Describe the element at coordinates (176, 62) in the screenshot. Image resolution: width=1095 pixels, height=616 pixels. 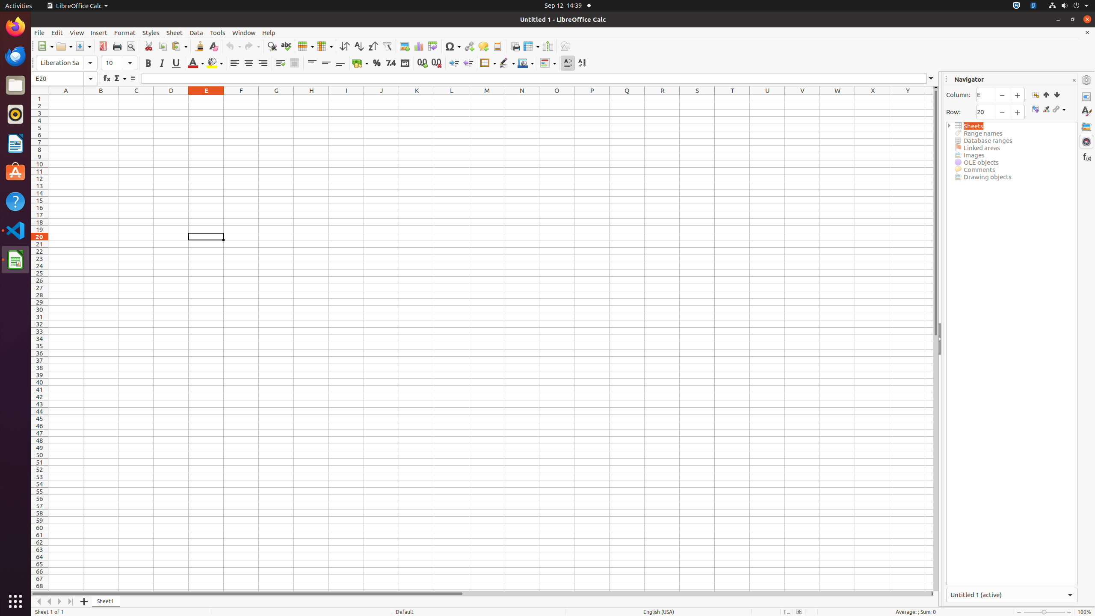
I see `'Underline'` at that location.